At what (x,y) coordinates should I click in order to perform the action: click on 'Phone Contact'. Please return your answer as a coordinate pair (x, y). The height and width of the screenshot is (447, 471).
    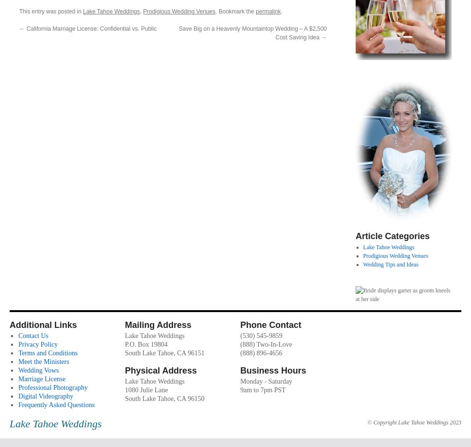
    Looking at the image, I should click on (271, 324).